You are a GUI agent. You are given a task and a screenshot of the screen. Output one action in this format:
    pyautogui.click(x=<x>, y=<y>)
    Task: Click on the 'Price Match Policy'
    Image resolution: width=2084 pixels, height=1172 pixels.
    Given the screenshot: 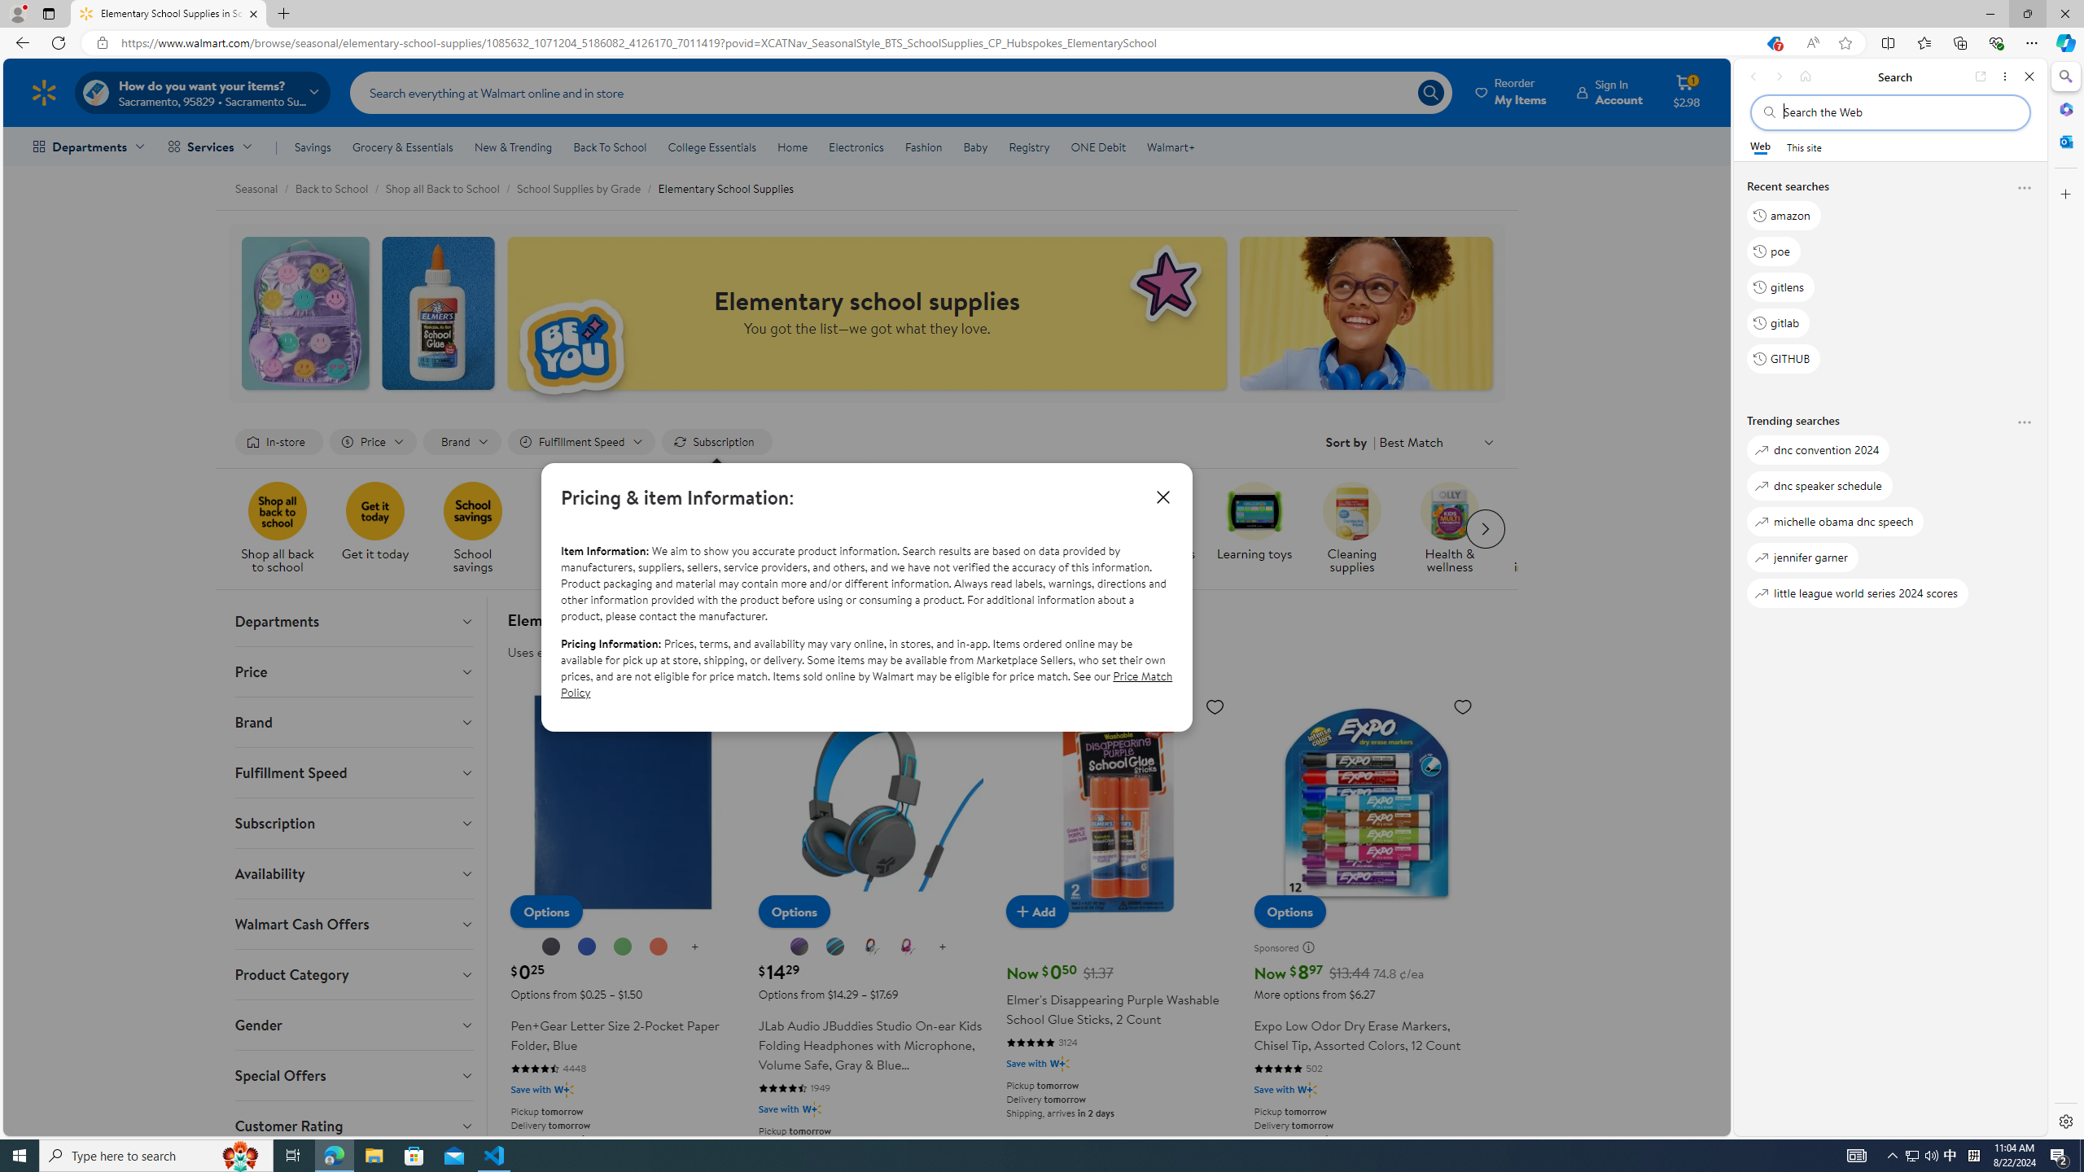 What is the action you would take?
    pyautogui.click(x=865, y=683)
    